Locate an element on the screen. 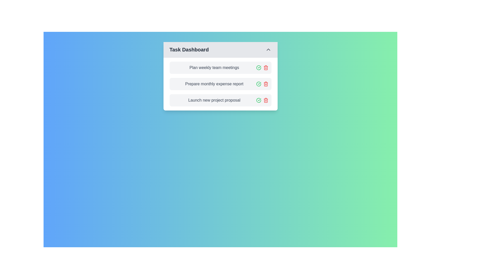 Image resolution: width=489 pixels, height=275 pixels. task label text 'Prepare monthly expense report' which is positioned in the middle of a vertical list within a task management interface is located at coordinates (214, 84).